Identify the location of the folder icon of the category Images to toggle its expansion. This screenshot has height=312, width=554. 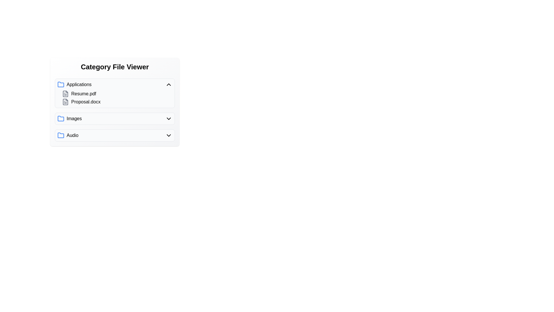
(61, 118).